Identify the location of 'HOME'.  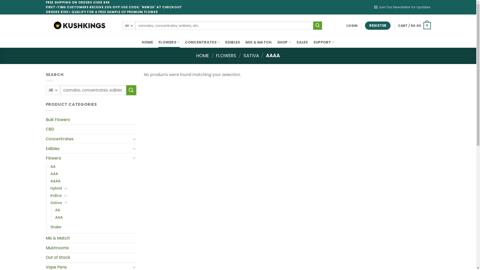
(147, 42).